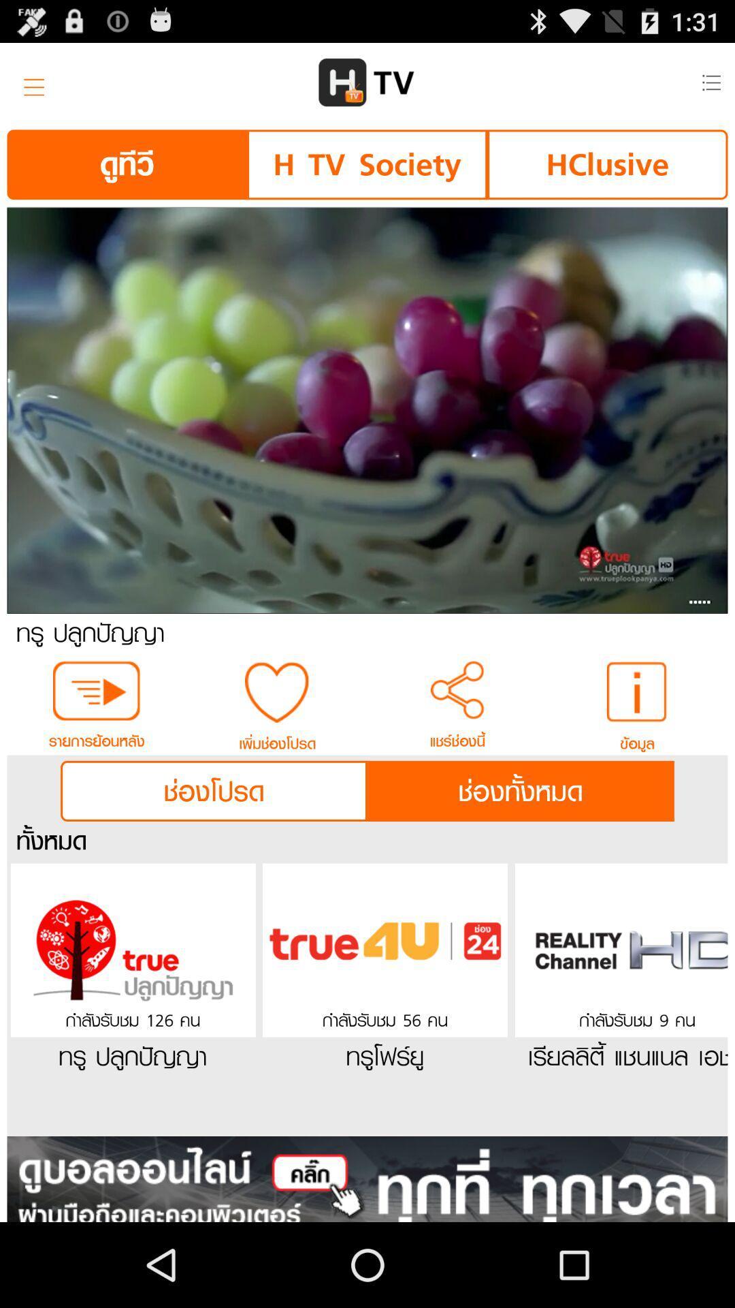 The width and height of the screenshot is (735, 1308). What do you see at coordinates (29, 87) in the screenshot?
I see `the menu icon` at bounding box center [29, 87].